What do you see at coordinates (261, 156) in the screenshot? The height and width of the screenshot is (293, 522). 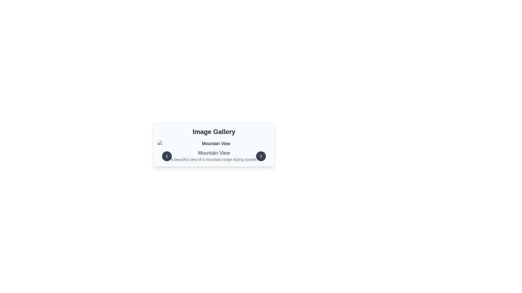 I see `the rightmost button in the horizontal row of navigation buttons` at bounding box center [261, 156].